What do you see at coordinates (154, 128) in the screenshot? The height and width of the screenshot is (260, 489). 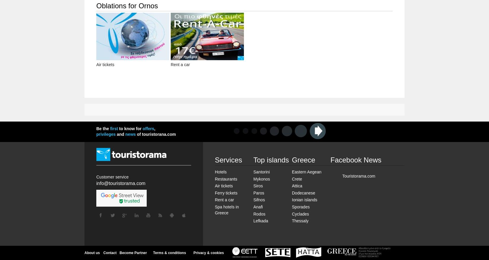 I see `','` at bounding box center [154, 128].